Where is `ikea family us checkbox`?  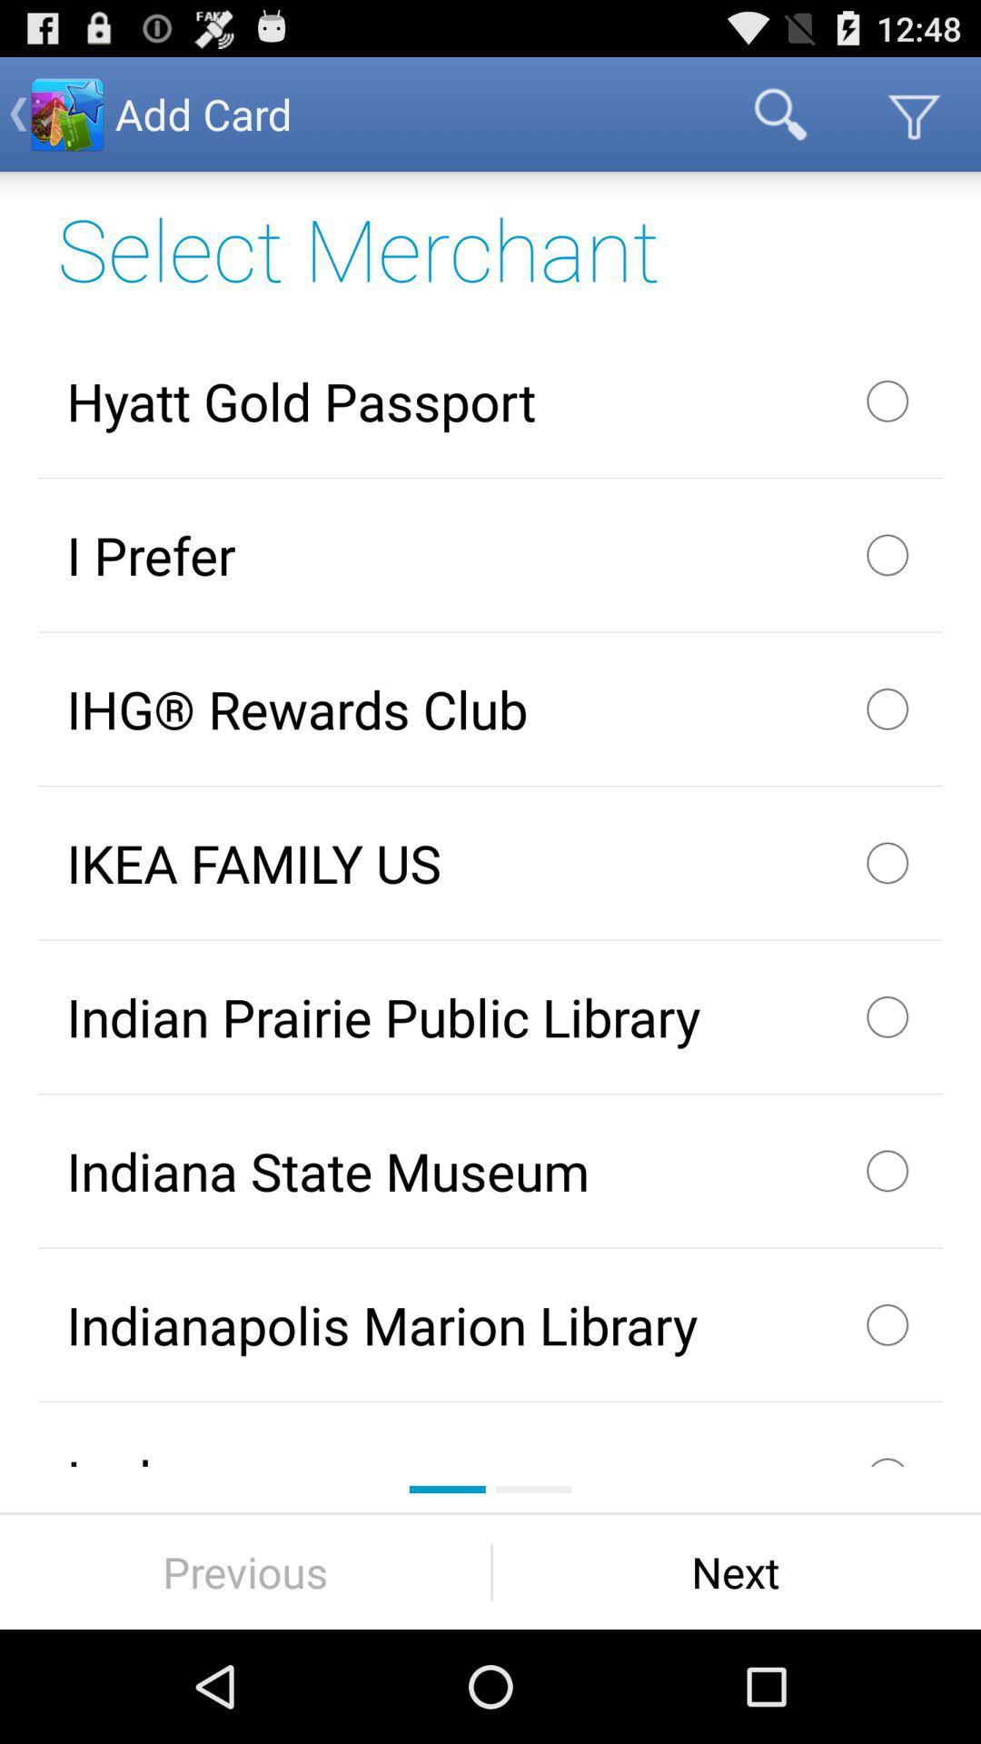
ikea family us checkbox is located at coordinates (490, 862).